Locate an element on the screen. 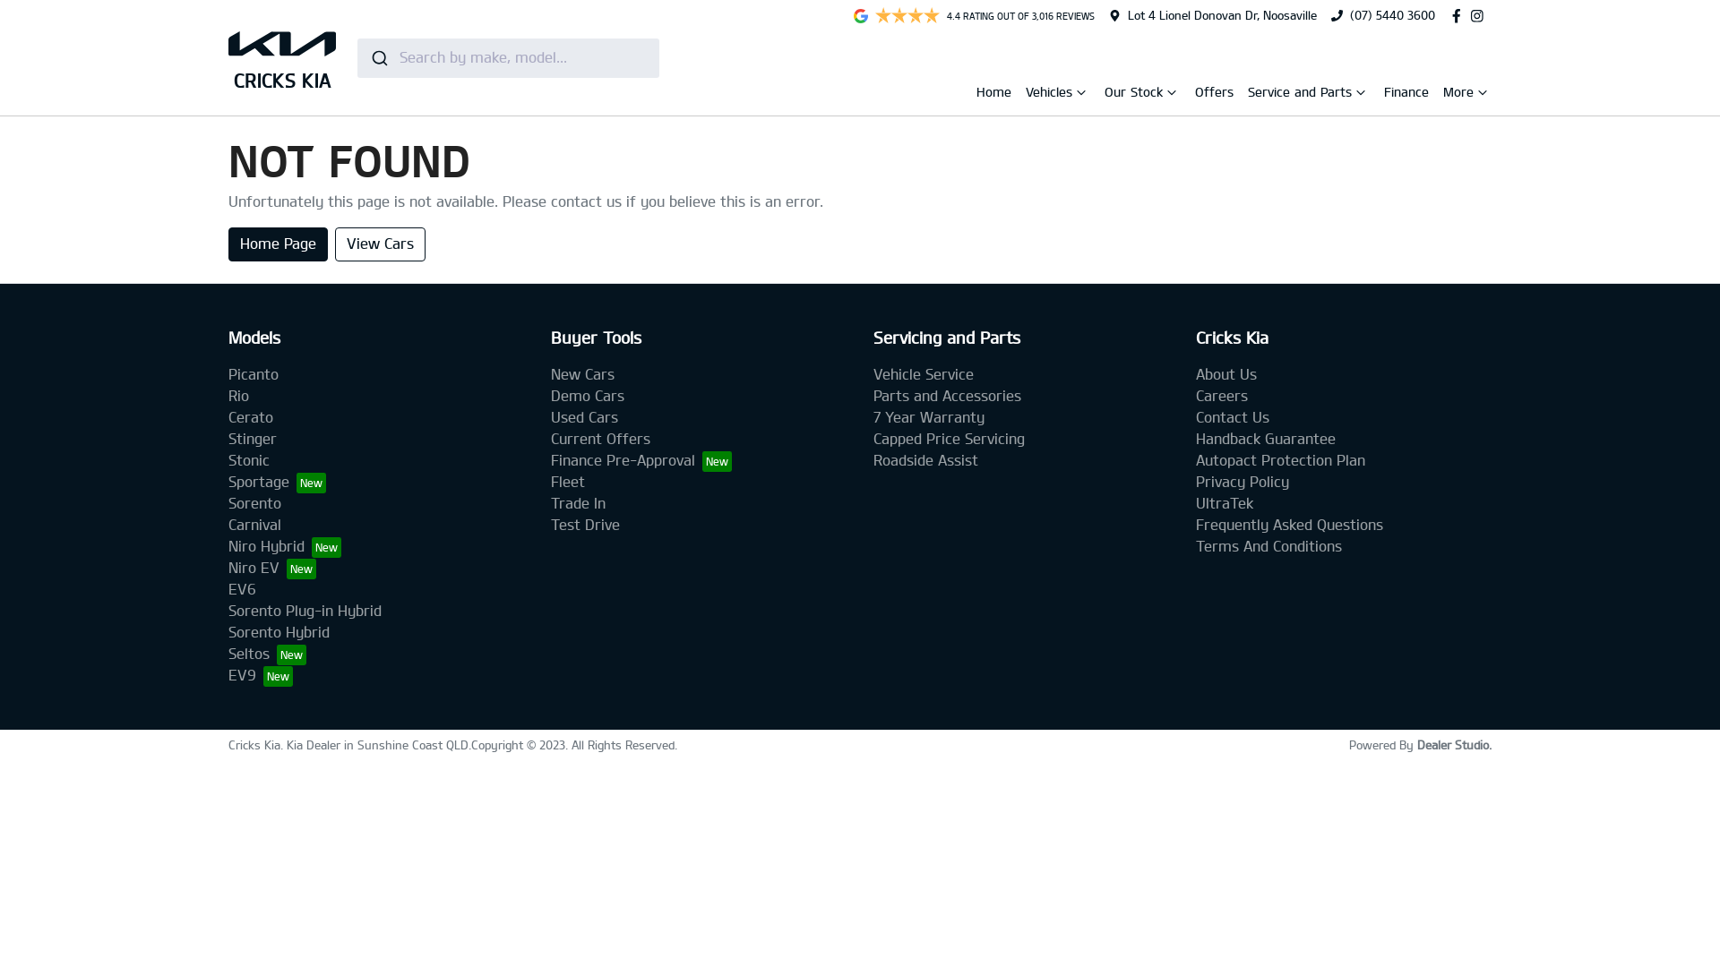 The image size is (1720, 967). 'Service and Parts' is located at coordinates (1302, 95).